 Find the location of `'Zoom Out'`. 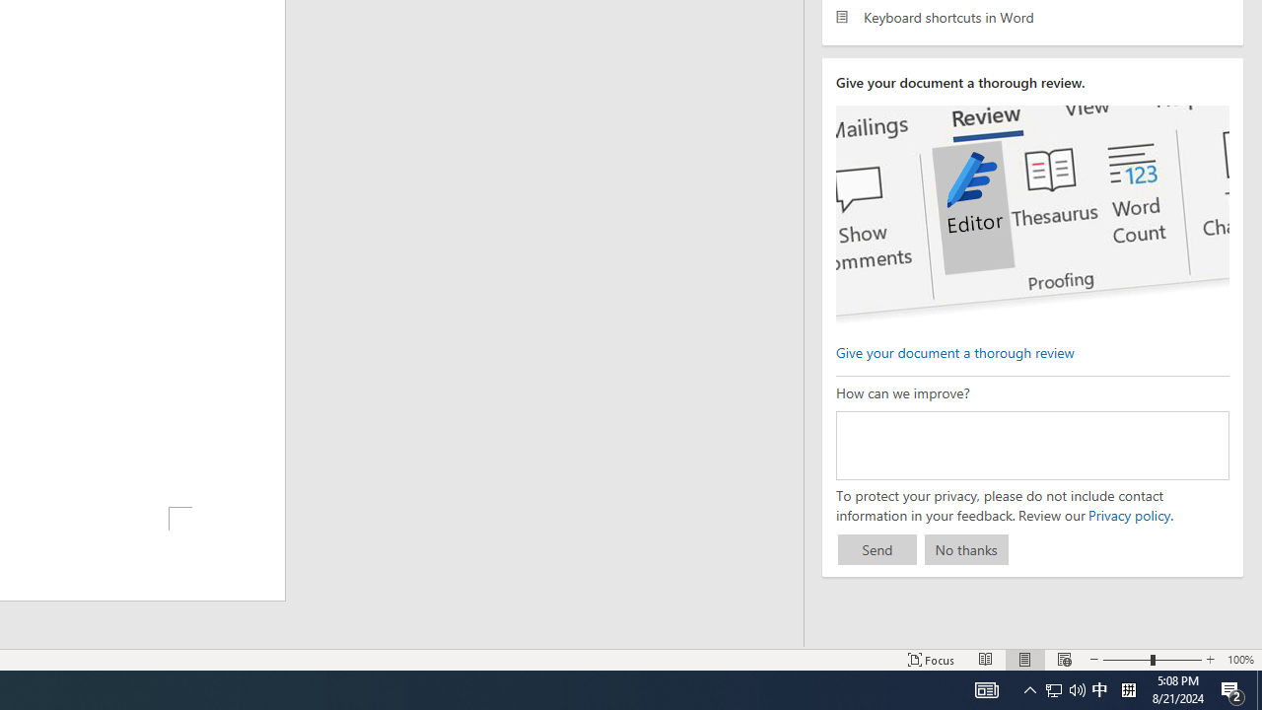

'Zoom Out' is located at coordinates (1127, 660).